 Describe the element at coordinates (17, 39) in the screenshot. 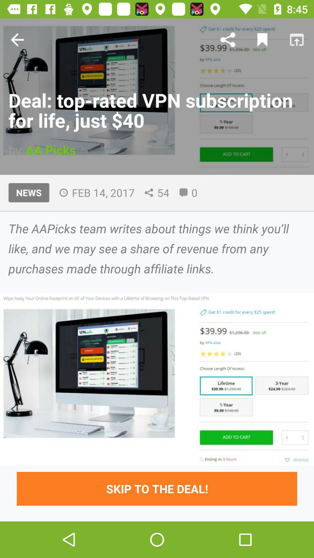

I see `the arrow_backward icon` at that location.